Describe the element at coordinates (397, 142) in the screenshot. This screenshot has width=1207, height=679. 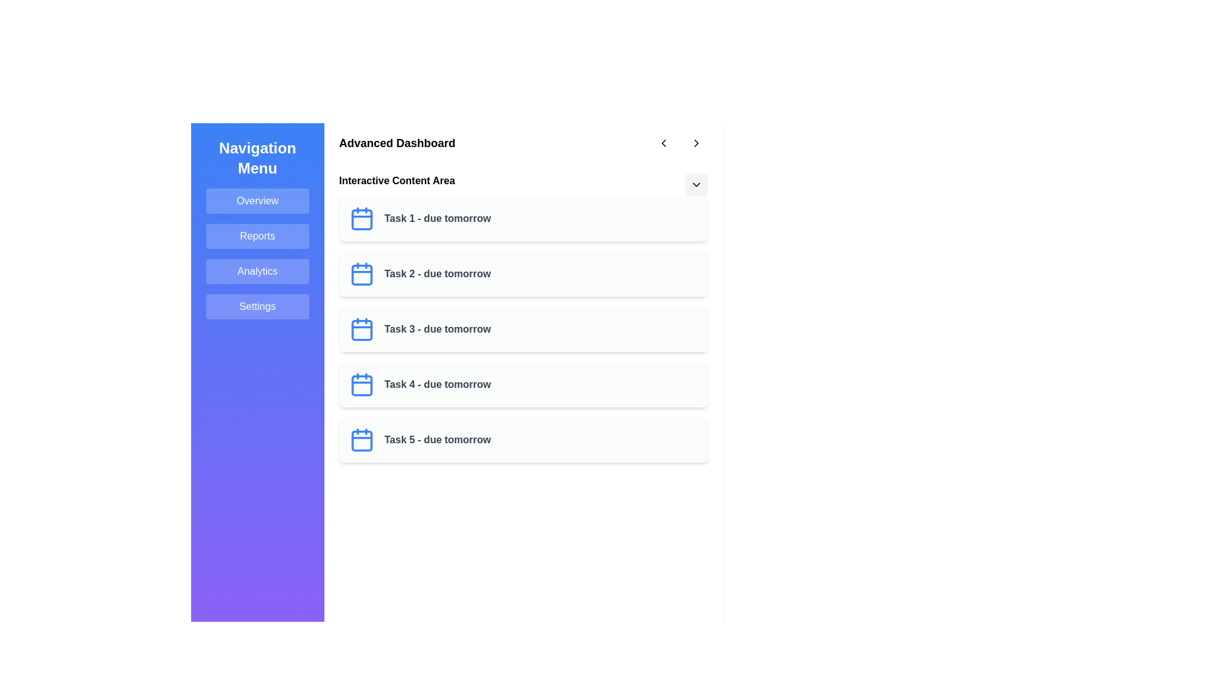
I see `the 'Advanced Dashboard' text label, which is prominently displayed at the top of the content area with a bold, large font style` at that location.